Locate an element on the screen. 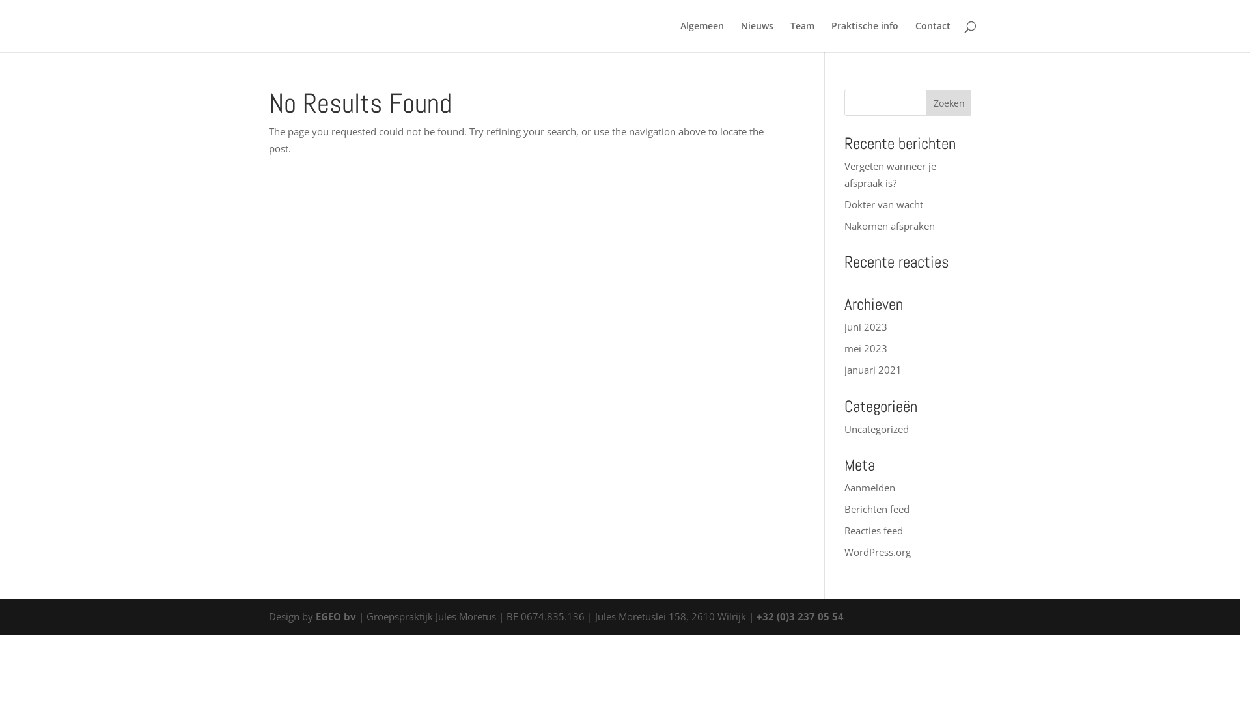  'Berichten feed' is located at coordinates (877, 508).